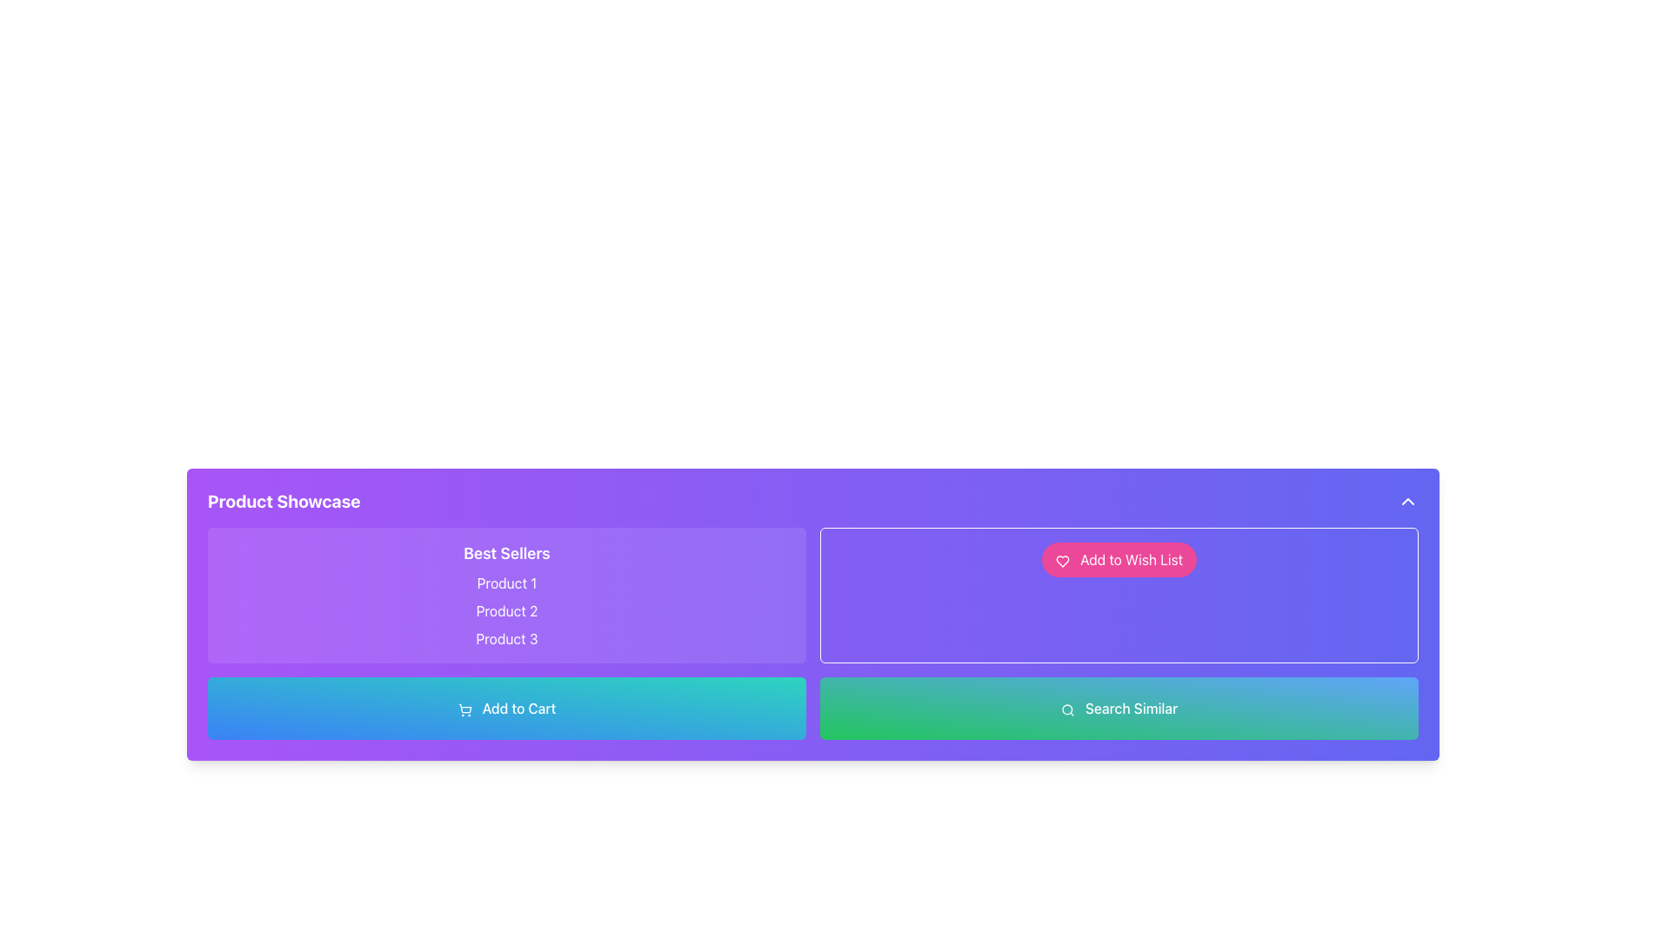 This screenshot has height=939, width=1670. Describe the element at coordinates (505, 583) in the screenshot. I see `the text label displaying 'Product 1' in white on a purple background, which is the first item under the 'Best Sellers' section` at that location.